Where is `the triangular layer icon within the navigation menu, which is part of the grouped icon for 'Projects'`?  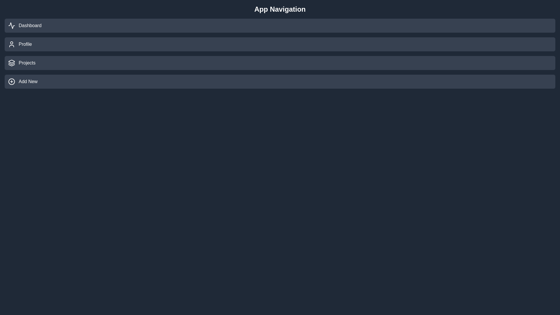
the triangular layer icon within the navigation menu, which is part of the grouped icon for 'Projects' is located at coordinates (11, 62).